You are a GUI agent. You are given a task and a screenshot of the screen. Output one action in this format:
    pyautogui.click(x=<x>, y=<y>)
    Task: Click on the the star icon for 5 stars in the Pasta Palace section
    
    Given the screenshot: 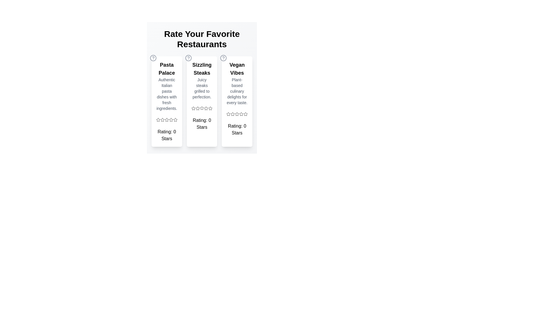 What is the action you would take?
    pyautogui.click(x=175, y=120)
    